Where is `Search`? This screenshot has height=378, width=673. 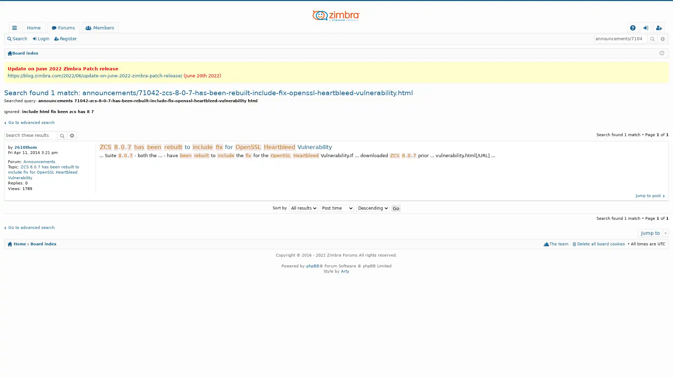
Search is located at coordinates (652, 39).